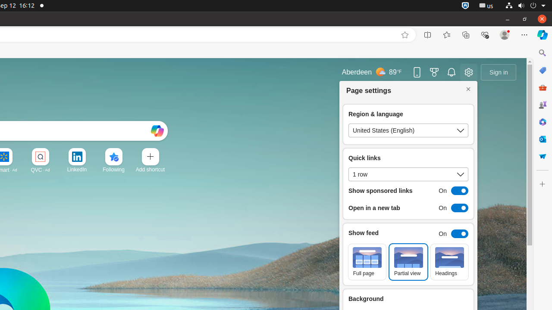 The width and height of the screenshot is (552, 310). Describe the element at coordinates (113, 169) in the screenshot. I see `'Following'` at that location.